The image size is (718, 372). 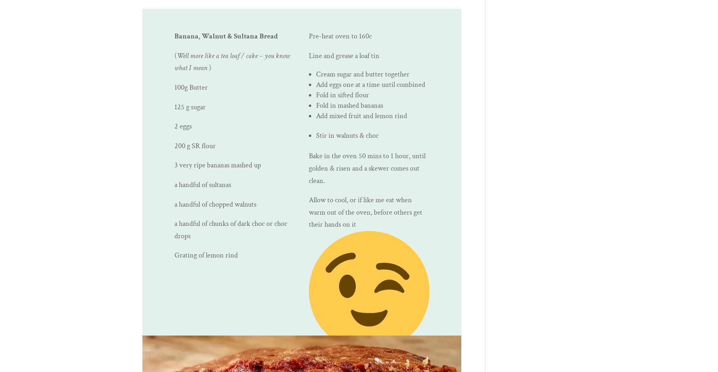 I want to click on 'a handful of chopped walnuts', so click(x=214, y=204).